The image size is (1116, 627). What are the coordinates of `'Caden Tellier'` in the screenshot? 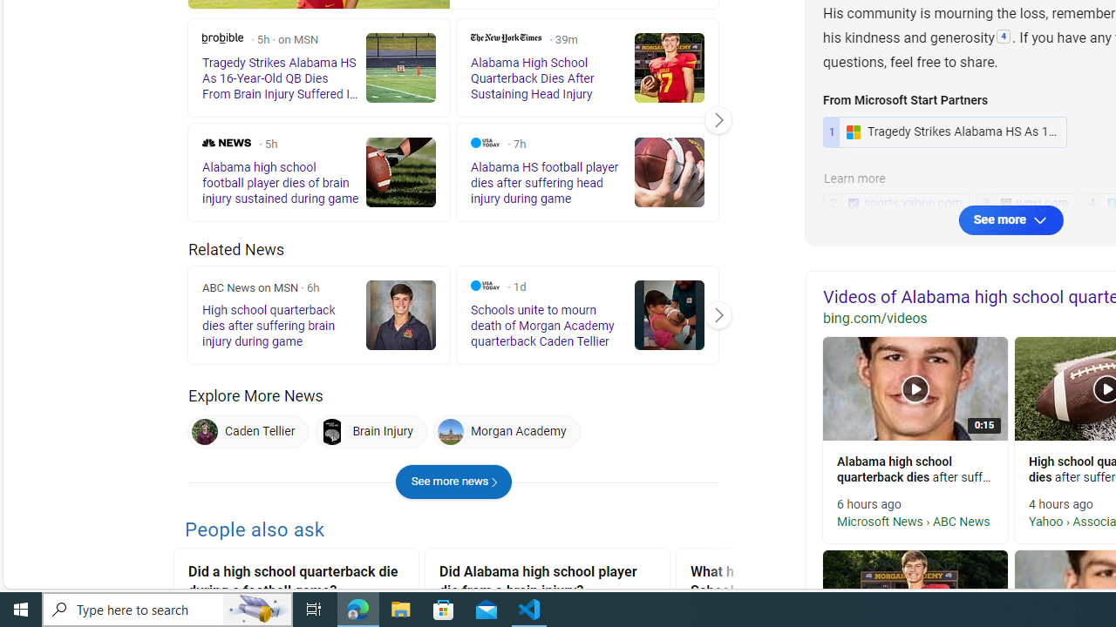 It's located at (248, 431).